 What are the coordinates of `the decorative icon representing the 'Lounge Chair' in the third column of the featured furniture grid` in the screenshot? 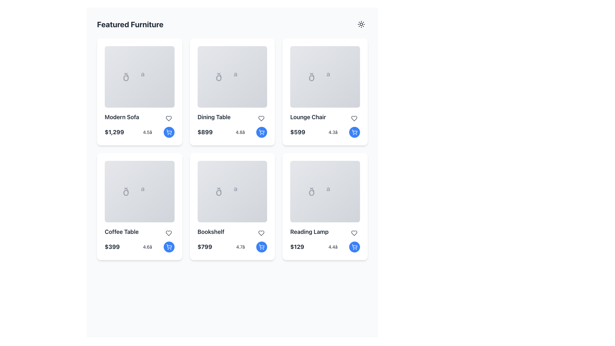 It's located at (325, 76).